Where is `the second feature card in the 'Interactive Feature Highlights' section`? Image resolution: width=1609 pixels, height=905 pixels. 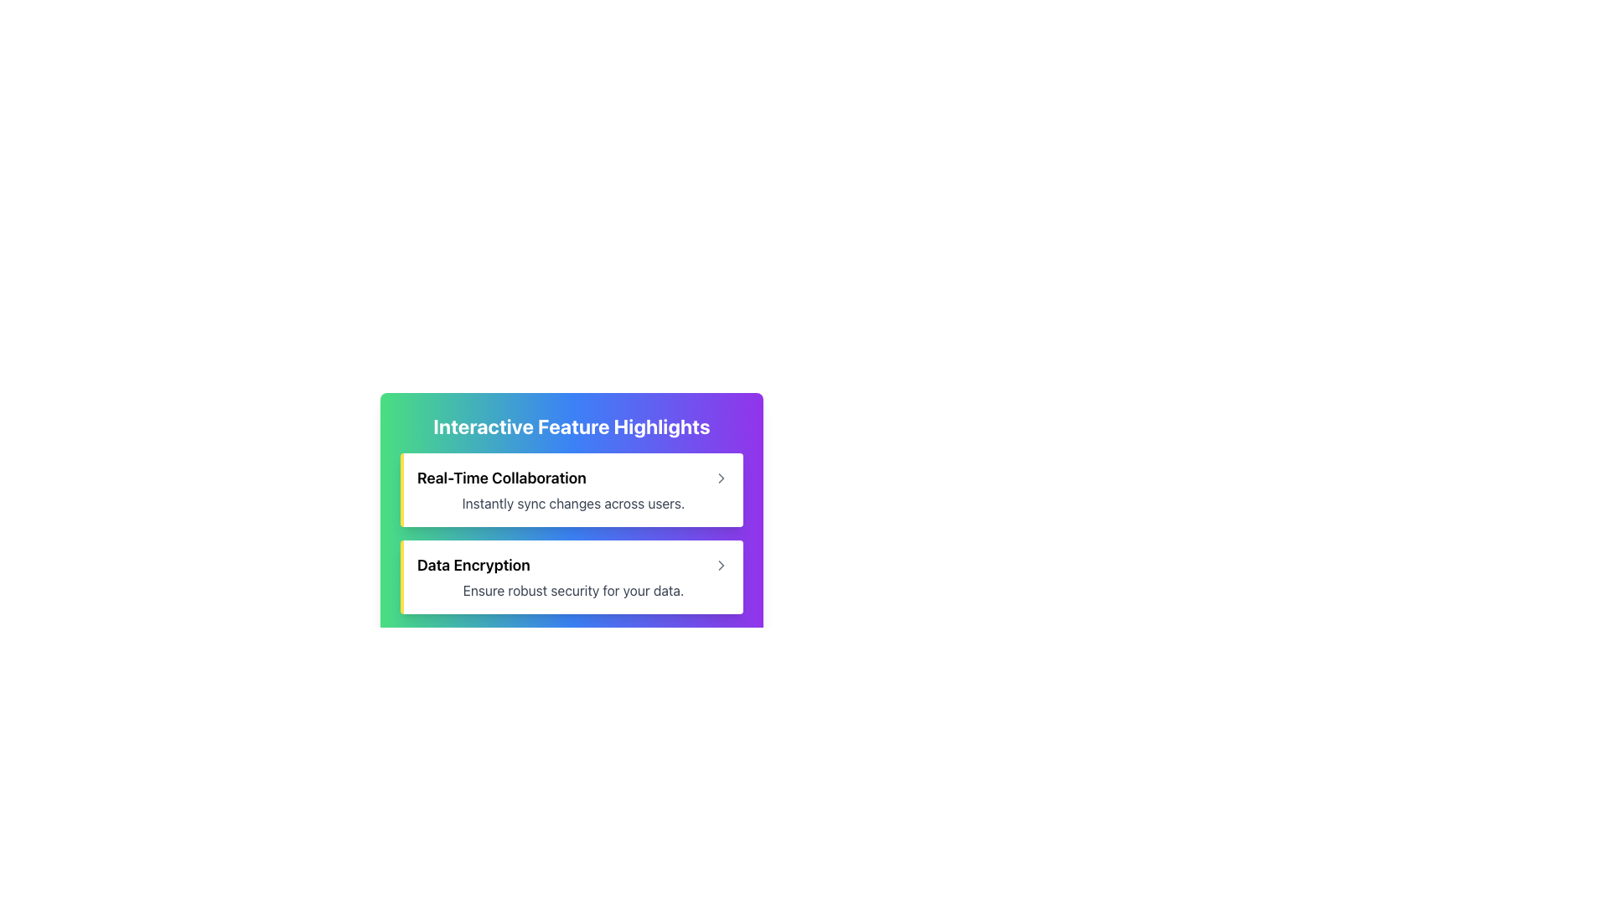 the second feature card in the 'Interactive Feature Highlights' section is located at coordinates (572, 577).